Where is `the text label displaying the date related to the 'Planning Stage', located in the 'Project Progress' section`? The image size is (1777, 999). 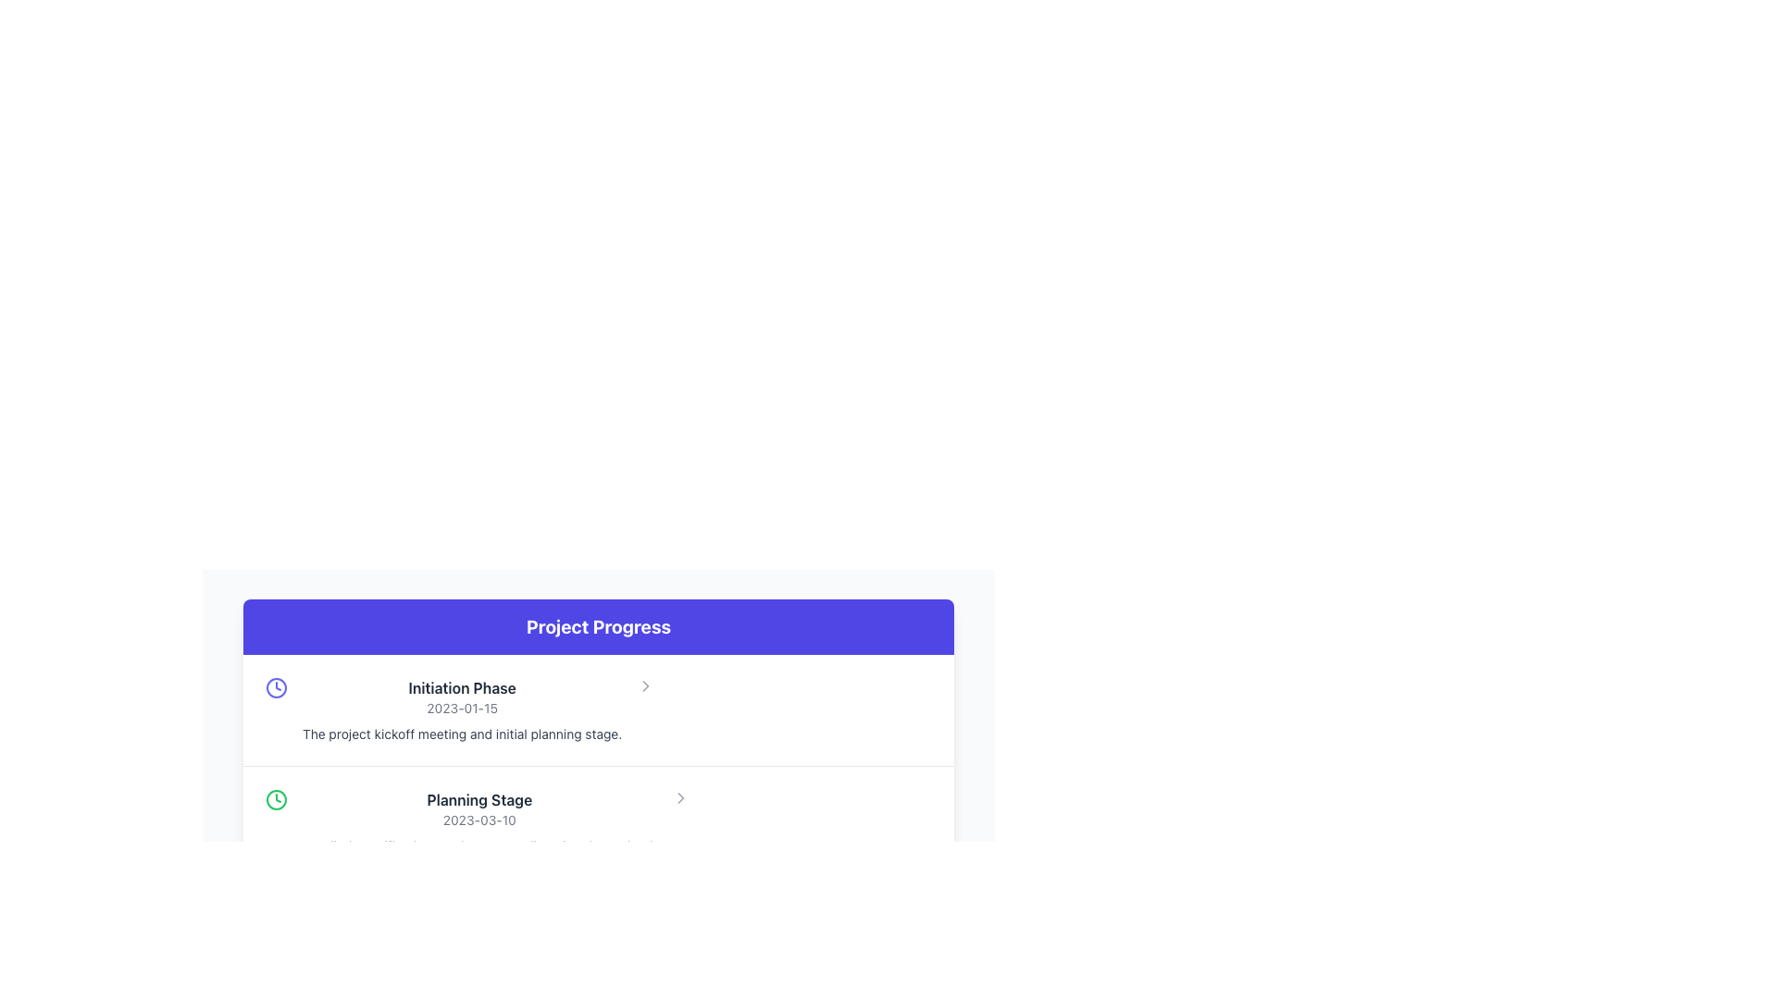
the text label displaying the date related to the 'Planning Stage', located in the 'Project Progress' section is located at coordinates (479, 820).